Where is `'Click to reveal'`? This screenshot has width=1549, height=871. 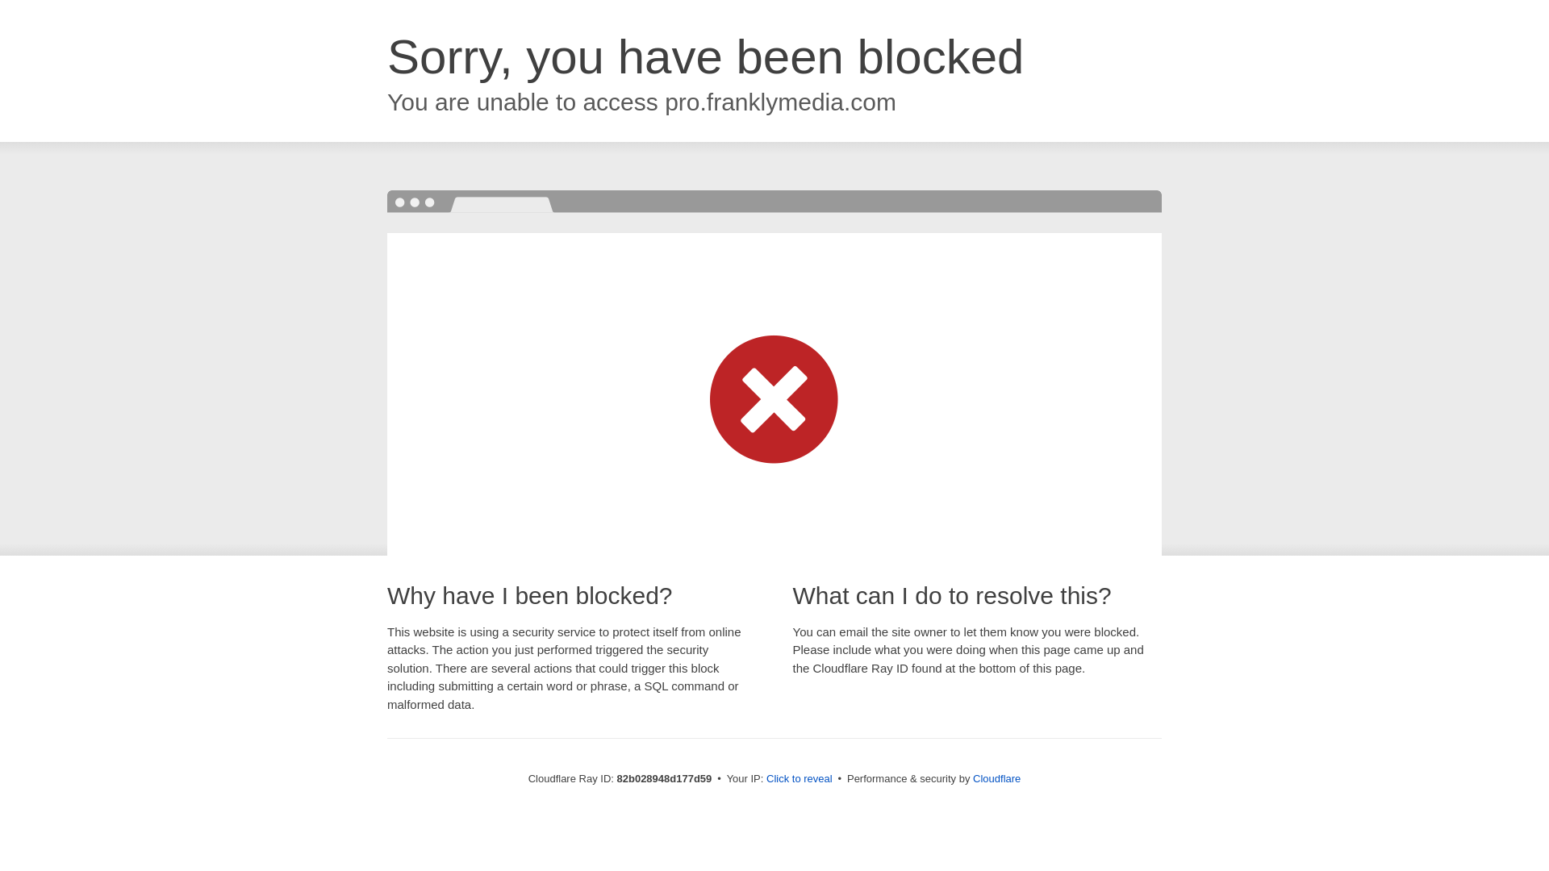 'Click to reveal' is located at coordinates (799, 777).